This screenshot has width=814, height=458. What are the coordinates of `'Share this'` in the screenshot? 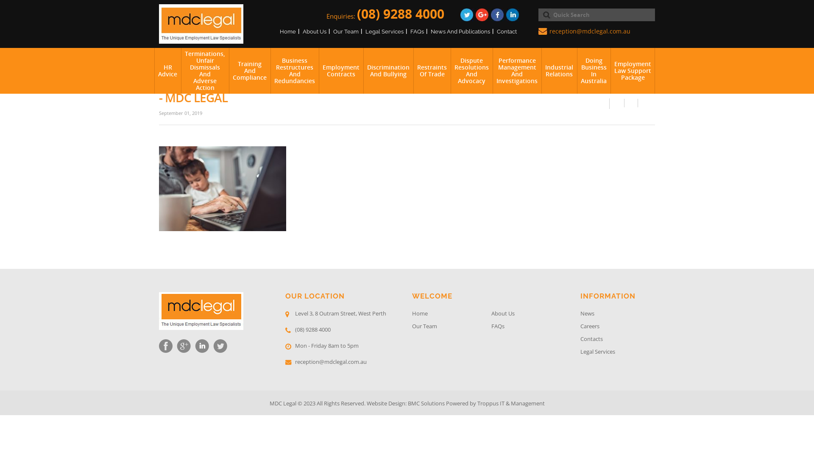 It's located at (617, 103).